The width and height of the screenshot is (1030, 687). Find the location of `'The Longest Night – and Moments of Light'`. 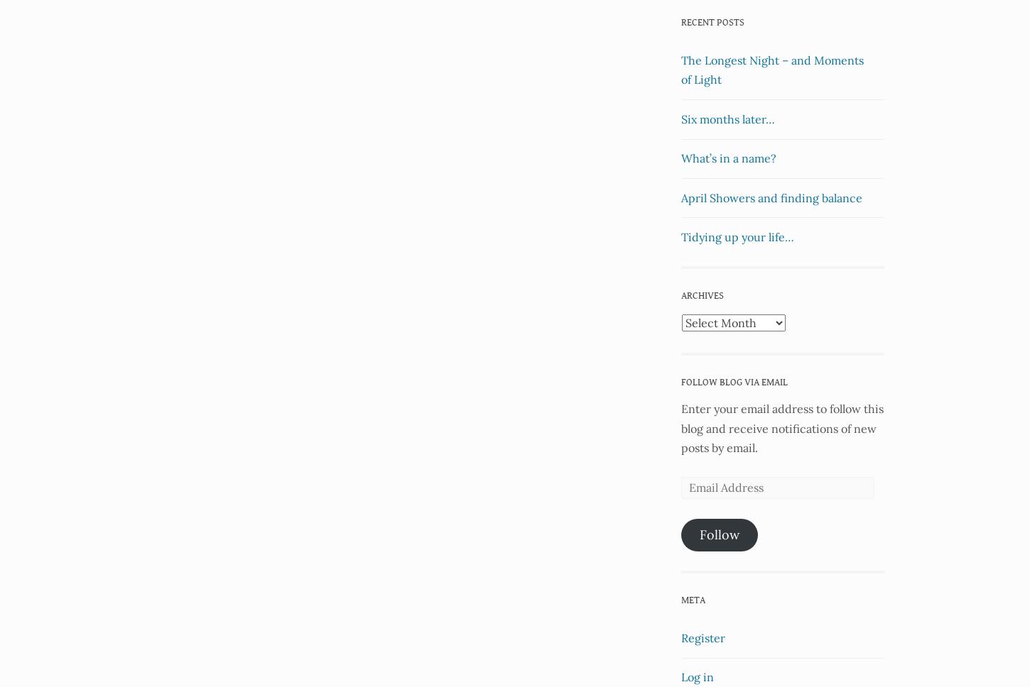

'The Longest Night – and Moments of Light' is located at coordinates (681, 70).